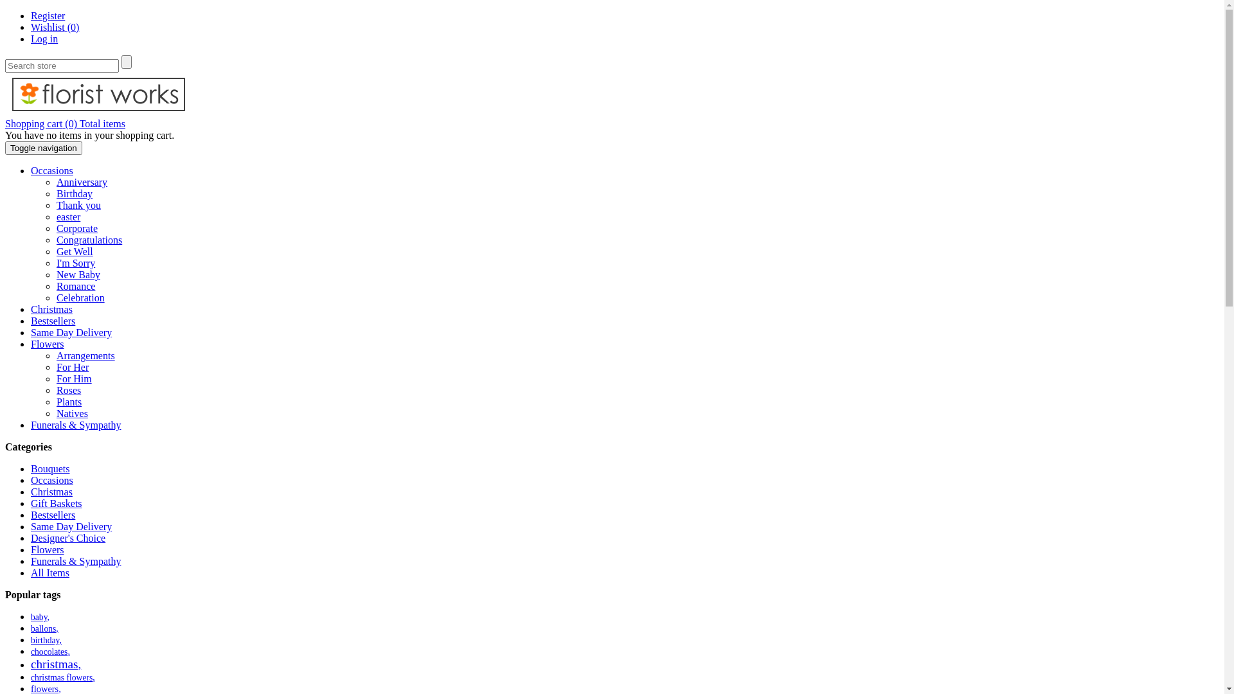 This screenshot has width=1234, height=694. Describe the element at coordinates (47, 343) in the screenshot. I see `'Flowers'` at that location.